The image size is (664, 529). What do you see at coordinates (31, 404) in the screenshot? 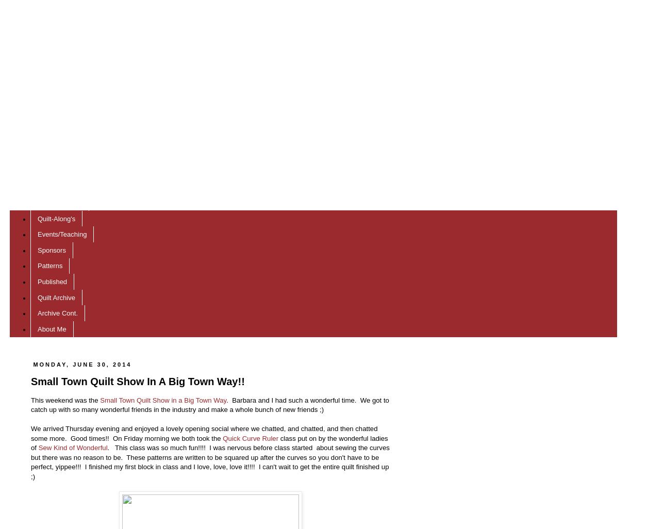
I see `'.  Barbara and I had such a wonderful time.  We got to catch up with so many wonderful friends in the industry and make a whole bunch of new friends ;)'` at bounding box center [31, 404].